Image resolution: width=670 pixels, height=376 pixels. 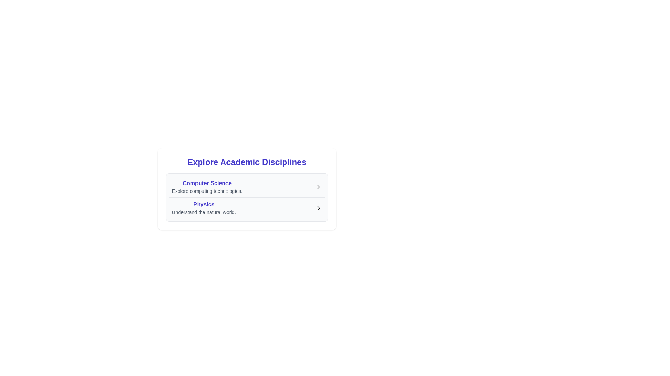 I want to click on the academic discipline, so click(x=203, y=207).